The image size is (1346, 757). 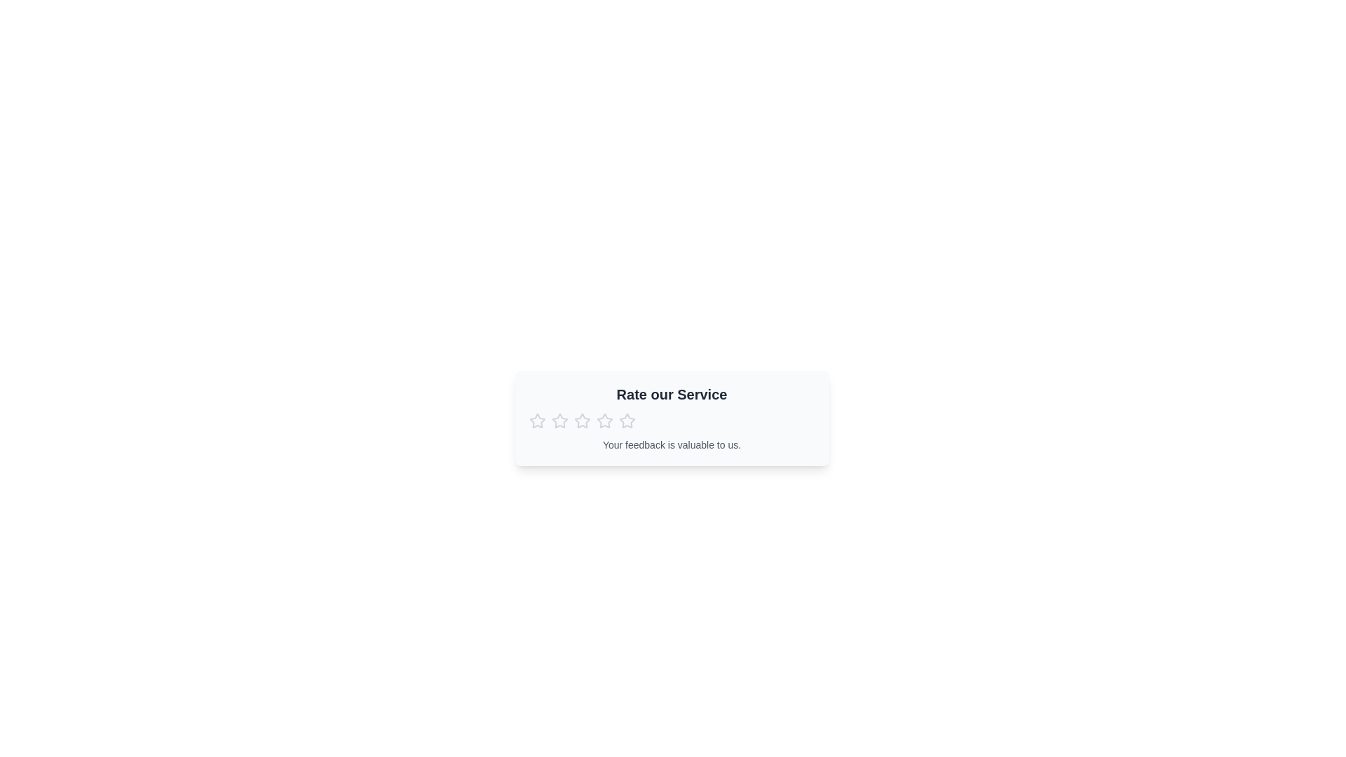 What do you see at coordinates (559, 421) in the screenshot?
I see `the second star rating button, which is styled with a faint gray outline and is located under the 'Rate our Service' text` at bounding box center [559, 421].